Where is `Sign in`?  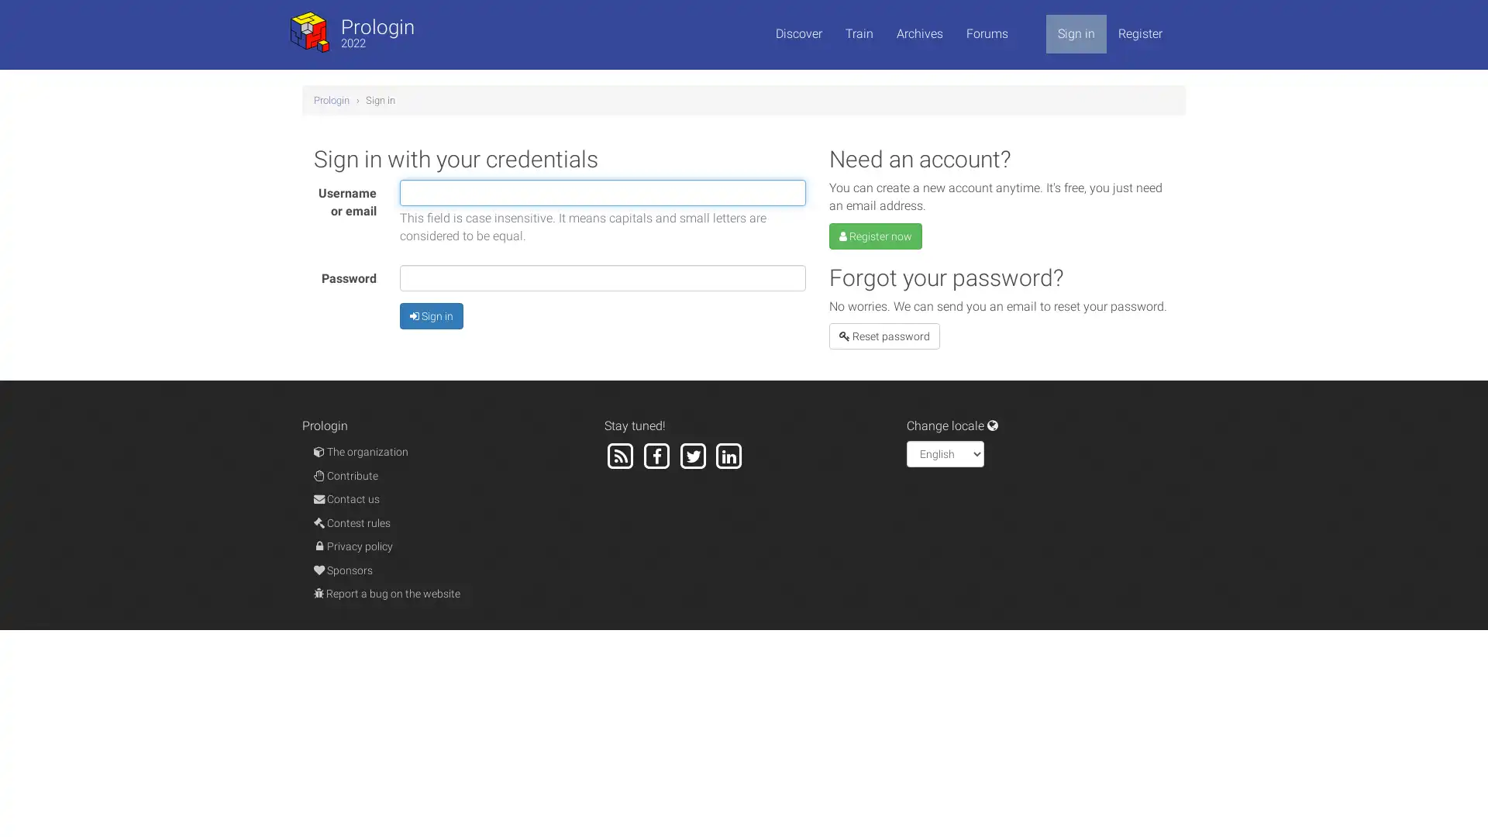 Sign in is located at coordinates (431, 315).